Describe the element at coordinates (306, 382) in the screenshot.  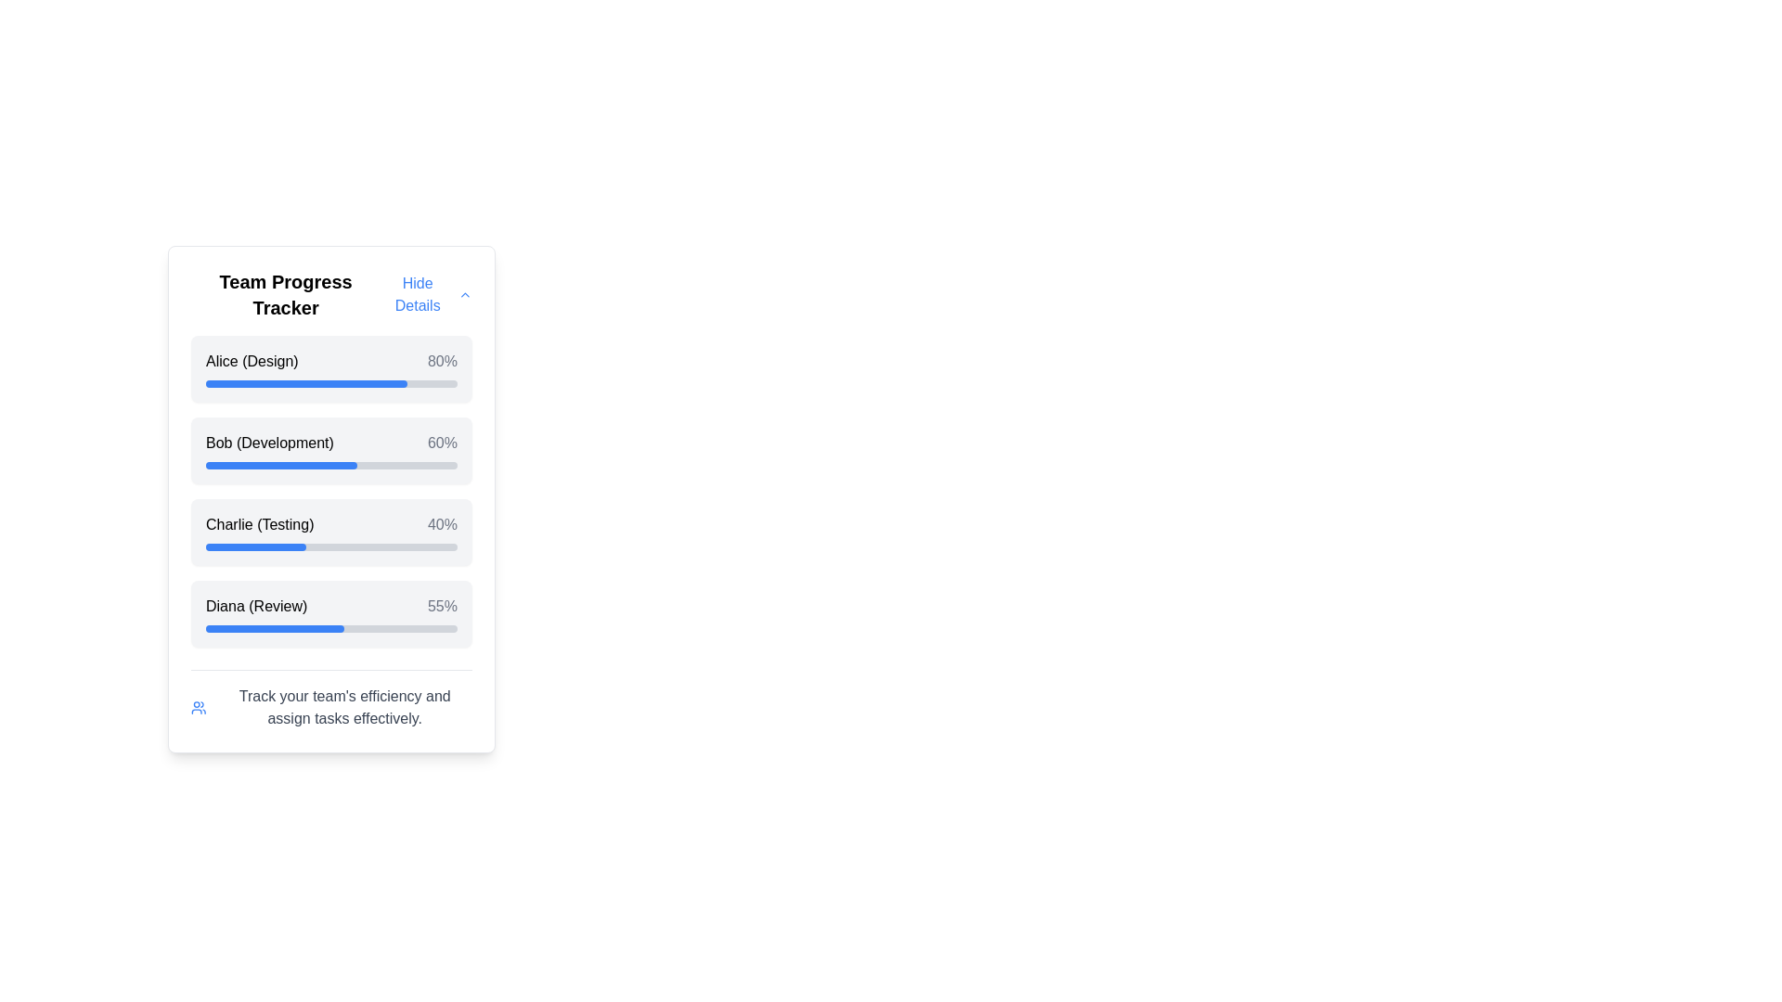
I see `the filled portion of the progress indicator representing 80% completion for 'Alice (Design)', which is the first item in the vertical list of progress indicators` at that location.